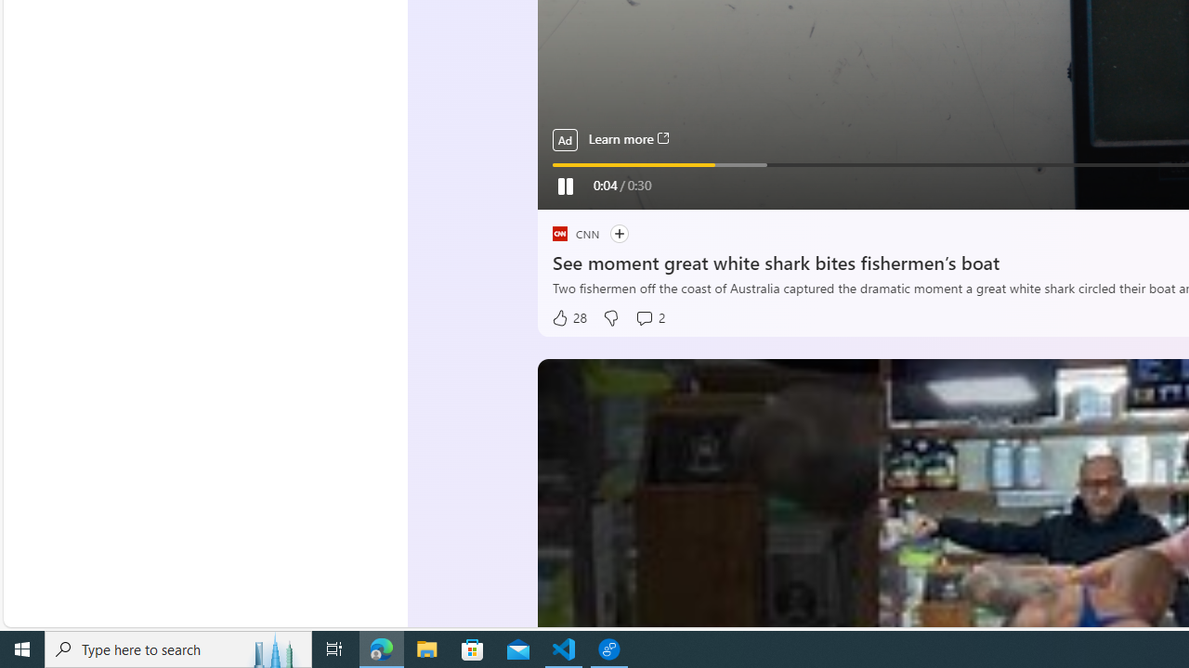 This screenshot has width=1189, height=668. I want to click on 'Learn more', so click(628, 138).